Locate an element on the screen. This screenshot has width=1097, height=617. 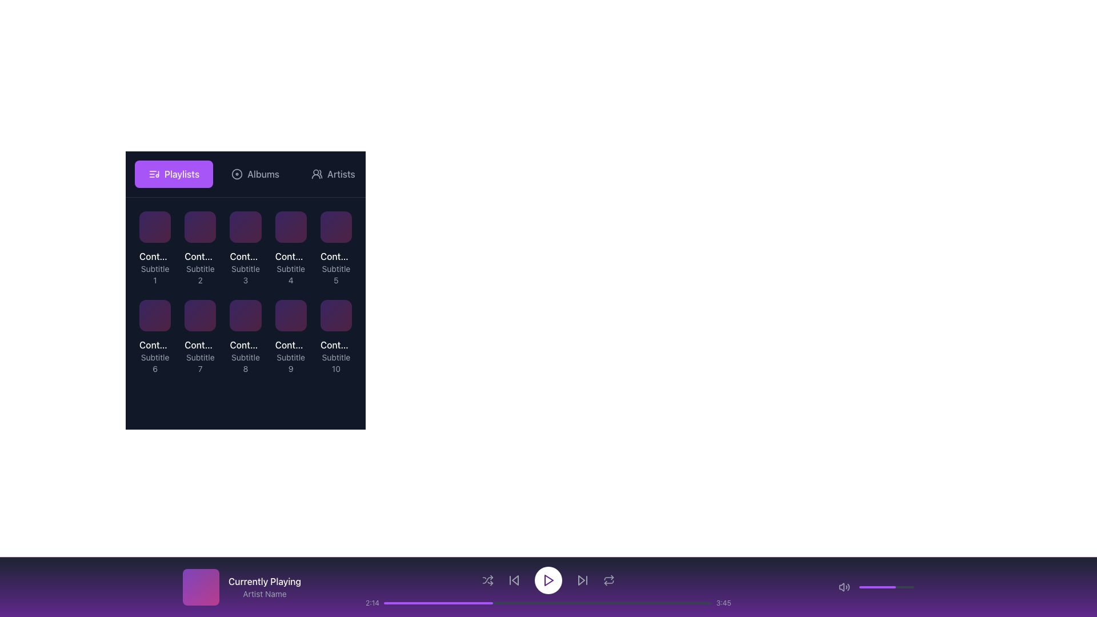
the volume slider is located at coordinates (878, 587).